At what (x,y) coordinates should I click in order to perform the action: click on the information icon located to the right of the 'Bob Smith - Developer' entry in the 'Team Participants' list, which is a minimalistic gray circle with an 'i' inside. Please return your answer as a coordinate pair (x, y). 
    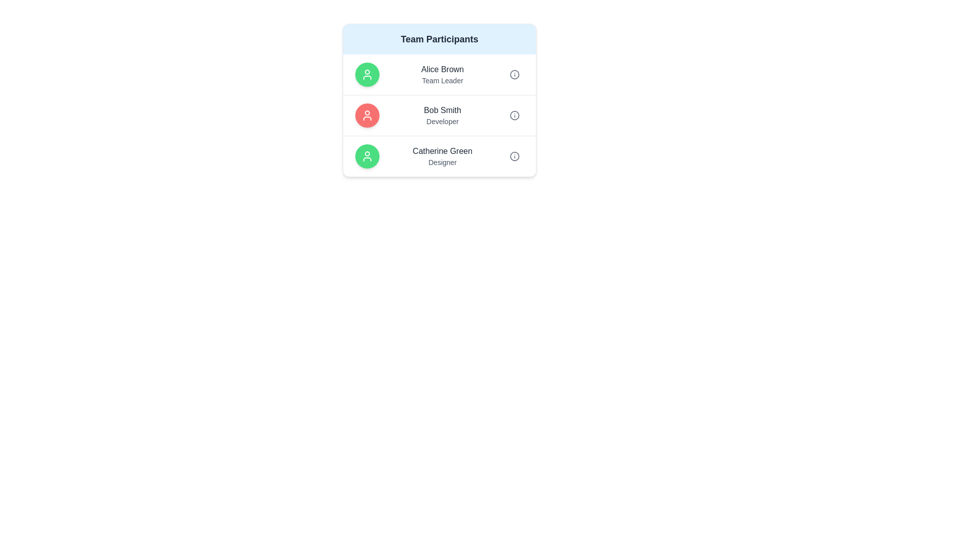
    Looking at the image, I should click on (514, 115).